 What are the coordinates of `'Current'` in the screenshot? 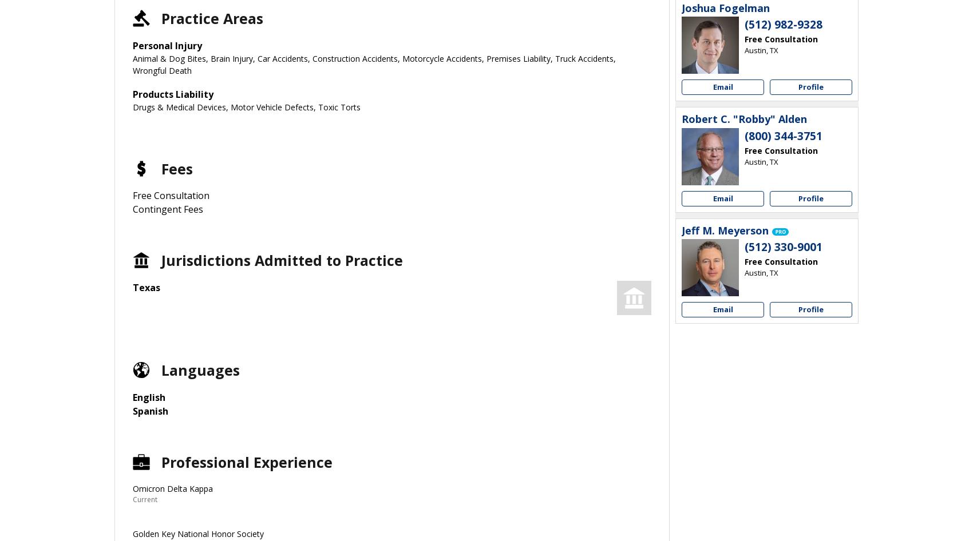 It's located at (133, 499).